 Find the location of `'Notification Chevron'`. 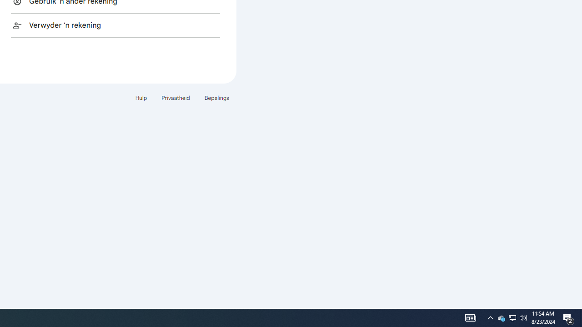

'Notification Chevron' is located at coordinates (501, 317).